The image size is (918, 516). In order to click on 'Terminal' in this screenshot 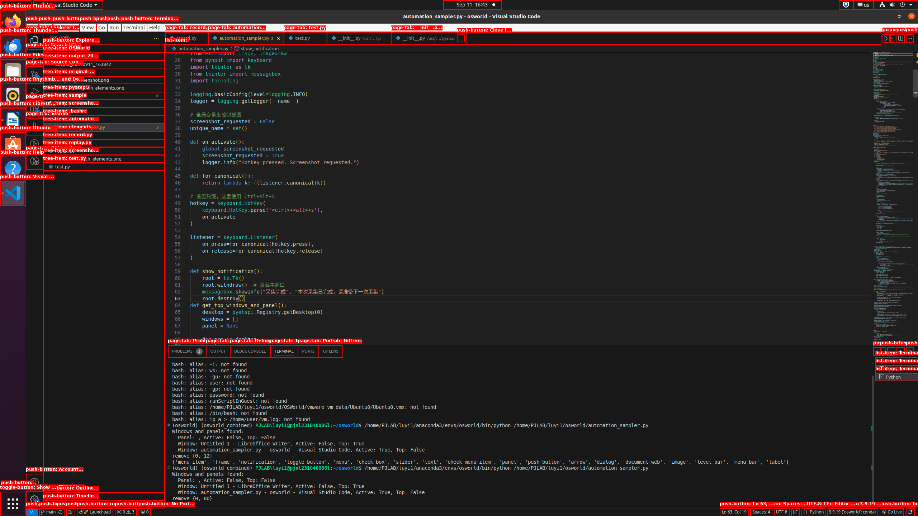, I will do `click(134, 27)`.